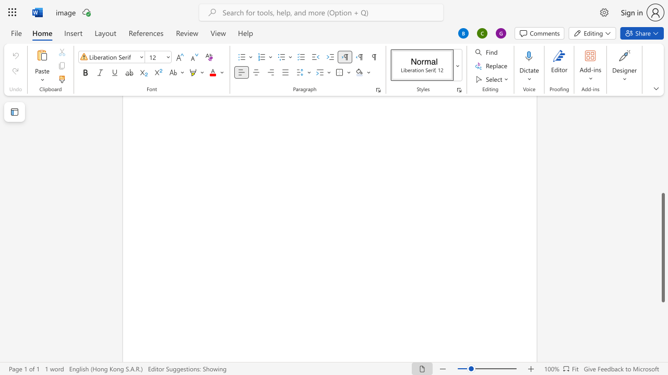  Describe the element at coordinates (662, 146) in the screenshot. I see `the scrollbar on the right to move the page upward` at that location.